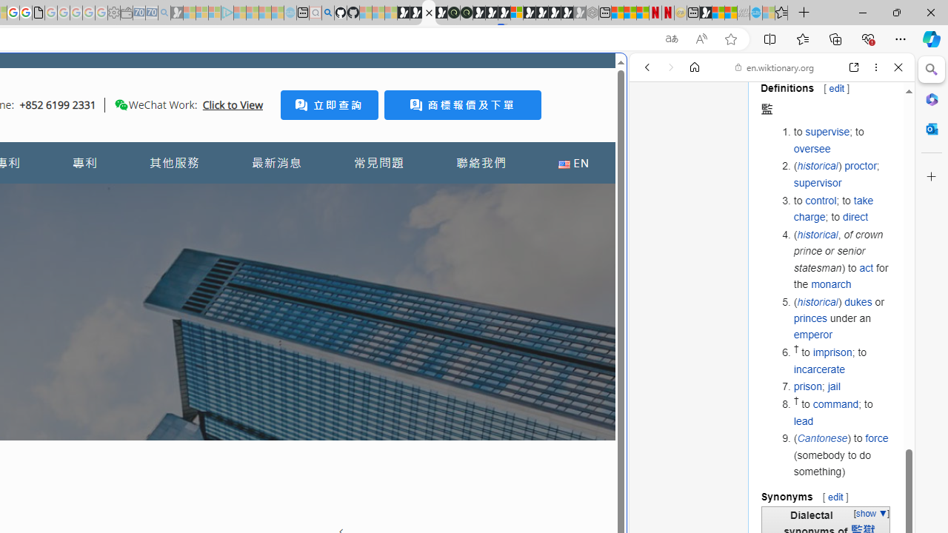 This screenshot has height=533, width=948. What do you see at coordinates (842, 140) in the screenshot?
I see `'to supervise; to oversee'` at bounding box center [842, 140].